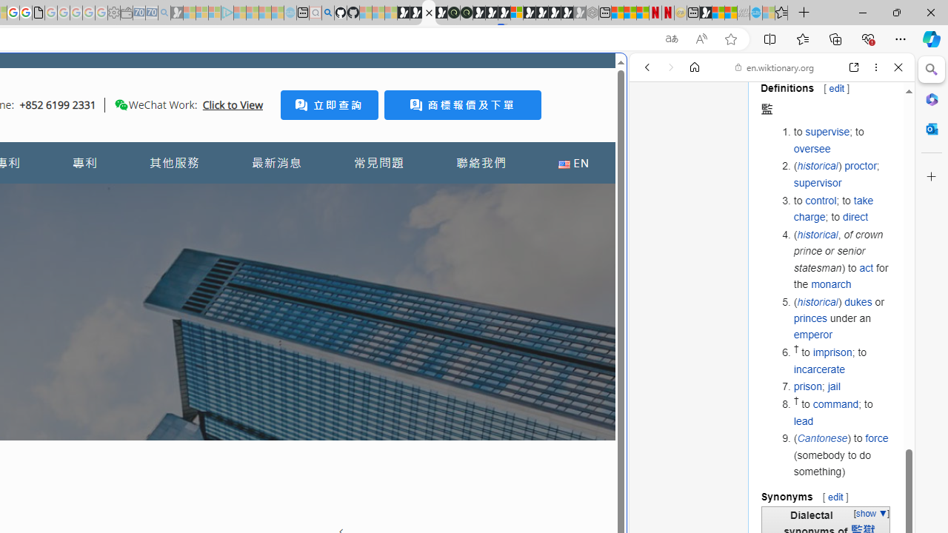 This screenshot has height=533, width=948. What do you see at coordinates (842, 140) in the screenshot?
I see `'to supervise; to oversee'` at bounding box center [842, 140].